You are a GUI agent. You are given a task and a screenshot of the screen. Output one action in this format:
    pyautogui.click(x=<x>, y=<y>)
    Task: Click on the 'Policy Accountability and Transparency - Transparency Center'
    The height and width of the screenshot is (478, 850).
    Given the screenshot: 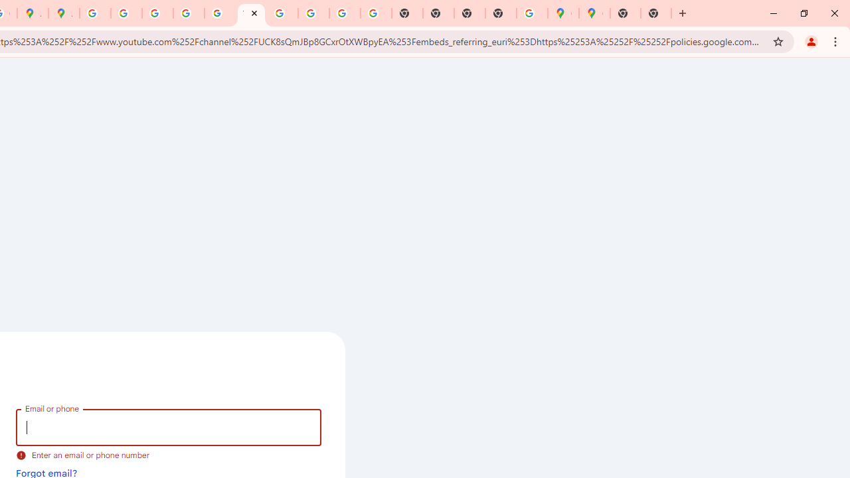 What is the action you would take?
    pyautogui.click(x=95, y=13)
    